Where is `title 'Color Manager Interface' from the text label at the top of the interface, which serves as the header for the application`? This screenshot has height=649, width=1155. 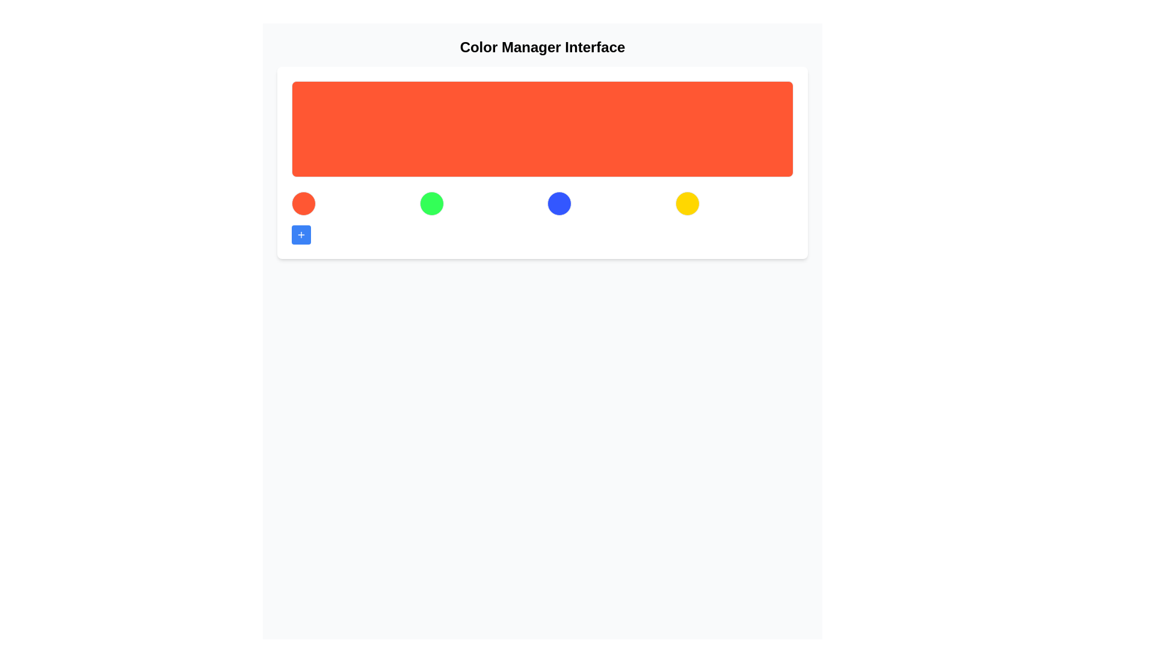 title 'Color Manager Interface' from the text label at the top of the interface, which serves as the header for the application is located at coordinates (542, 46).